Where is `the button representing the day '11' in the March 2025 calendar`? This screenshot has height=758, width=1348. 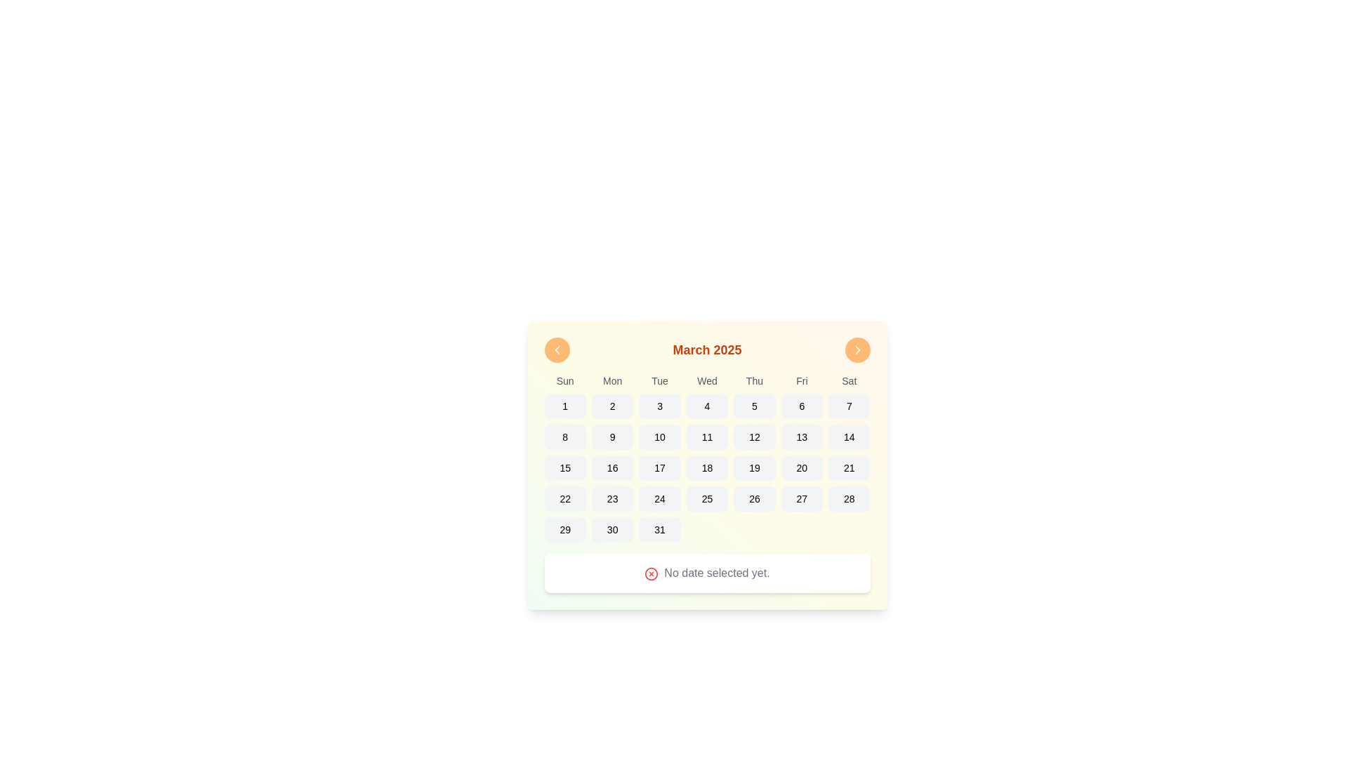 the button representing the day '11' in the March 2025 calendar is located at coordinates (707, 437).